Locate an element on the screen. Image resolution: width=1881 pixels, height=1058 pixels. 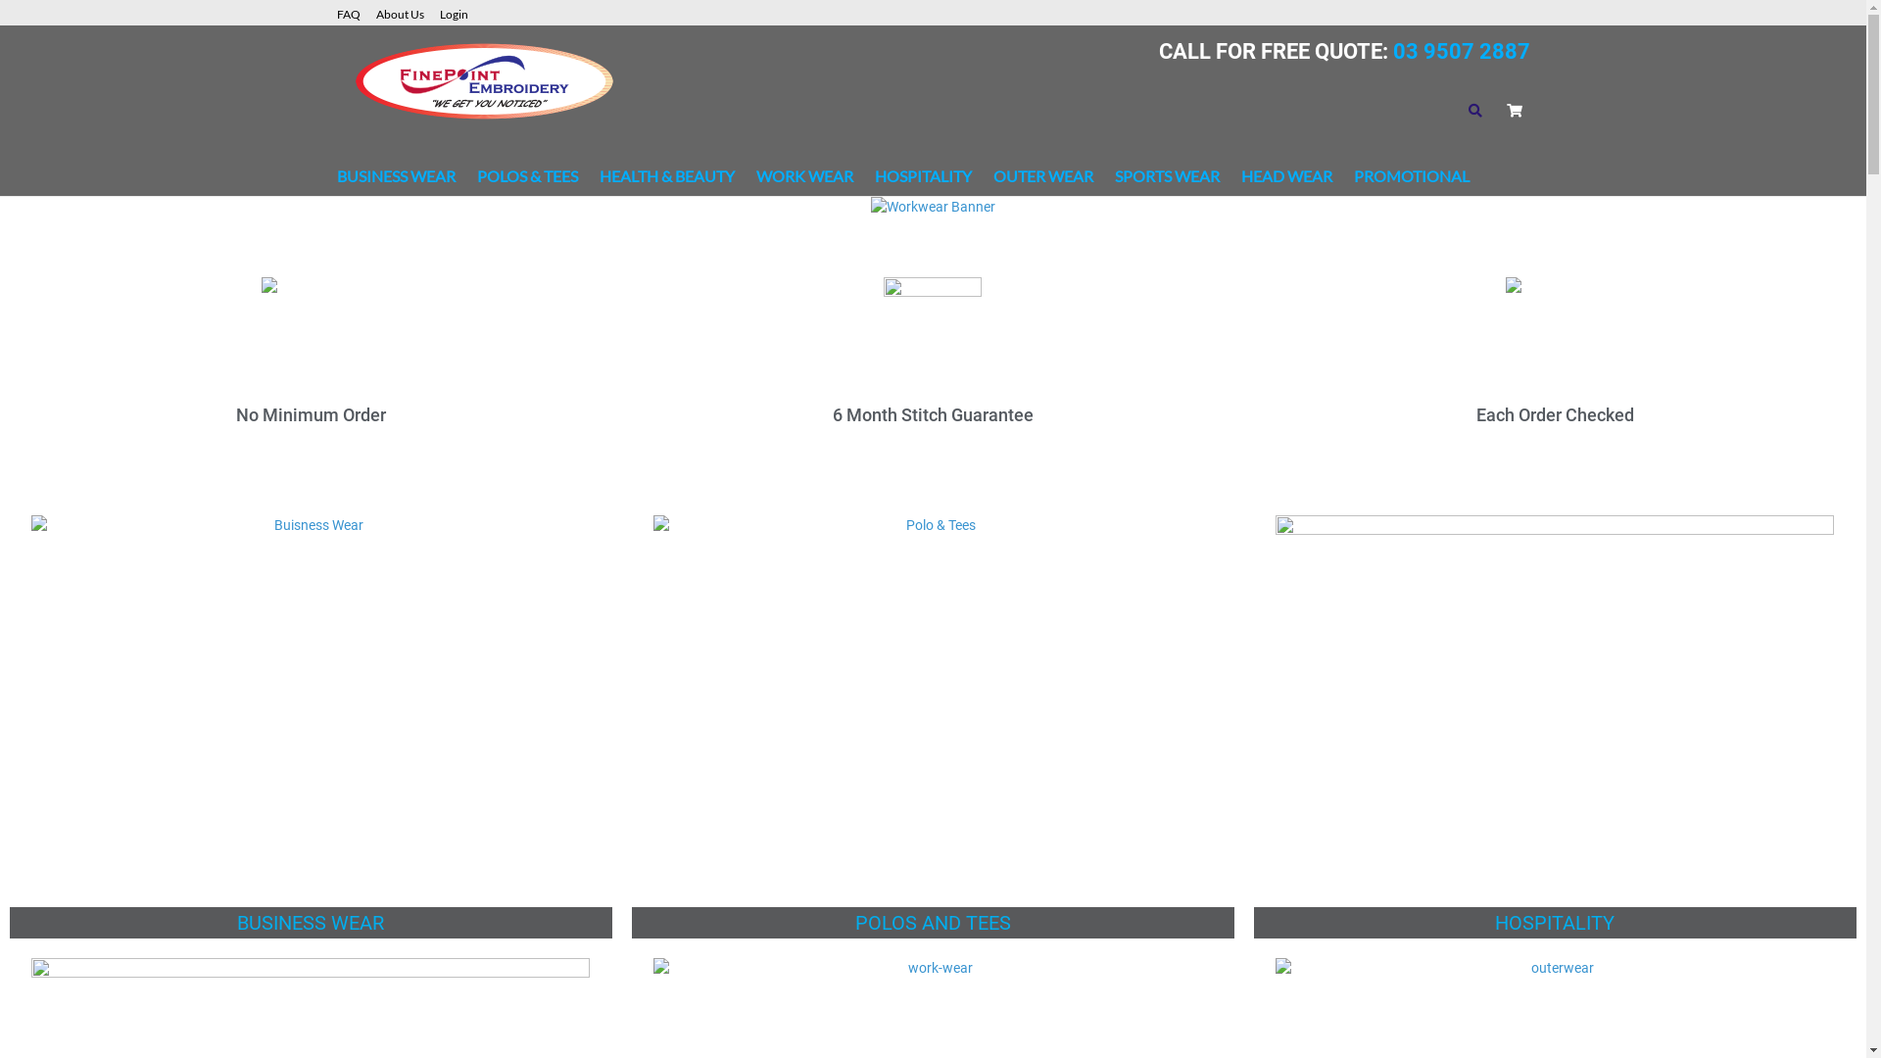
'POLOS & TEES' is located at coordinates (526, 176).